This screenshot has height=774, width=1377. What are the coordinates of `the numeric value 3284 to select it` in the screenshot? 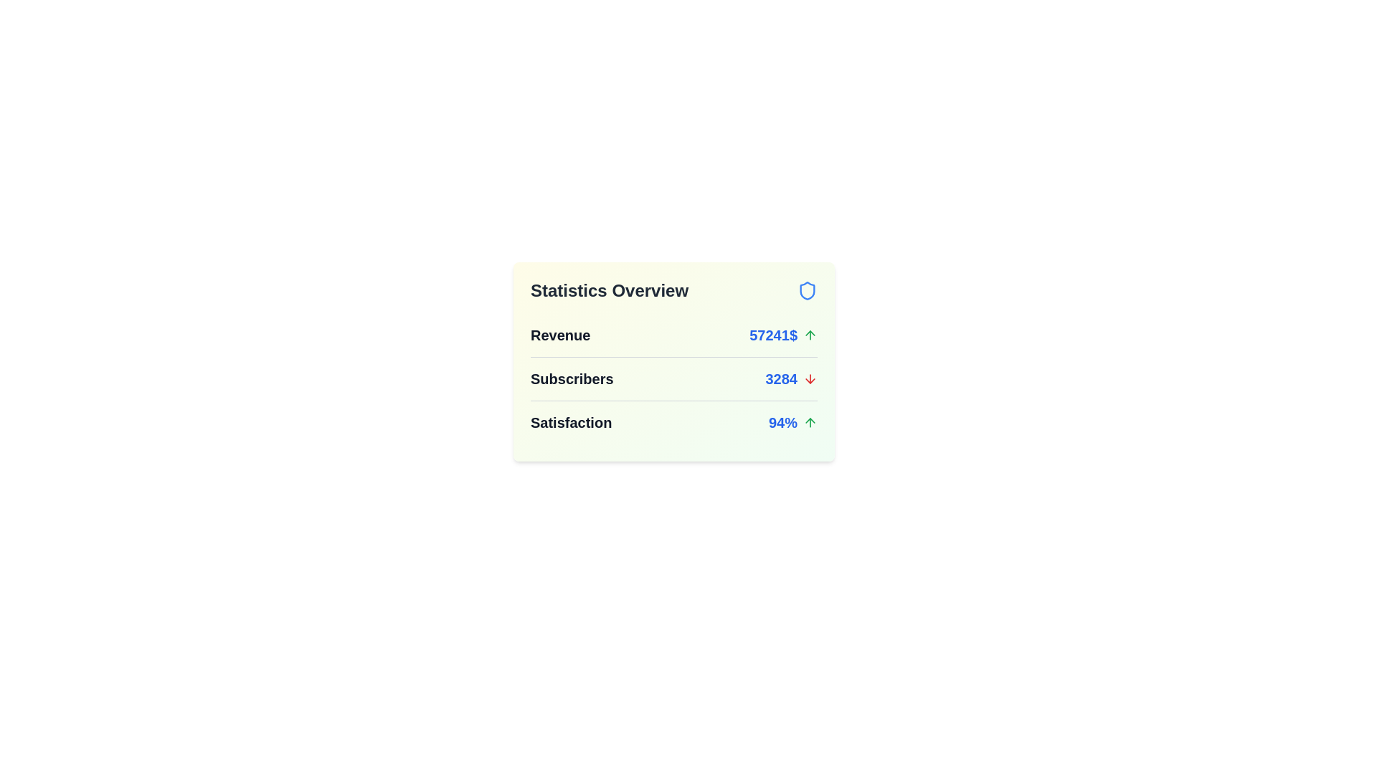 It's located at (780, 378).